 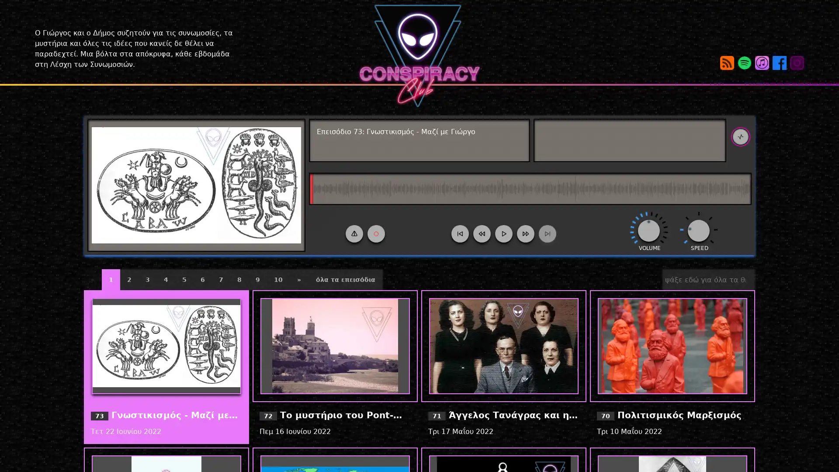 What do you see at coordinates (221, 280) in the screenshot?
I see `7` at bounding box center [221, 280].